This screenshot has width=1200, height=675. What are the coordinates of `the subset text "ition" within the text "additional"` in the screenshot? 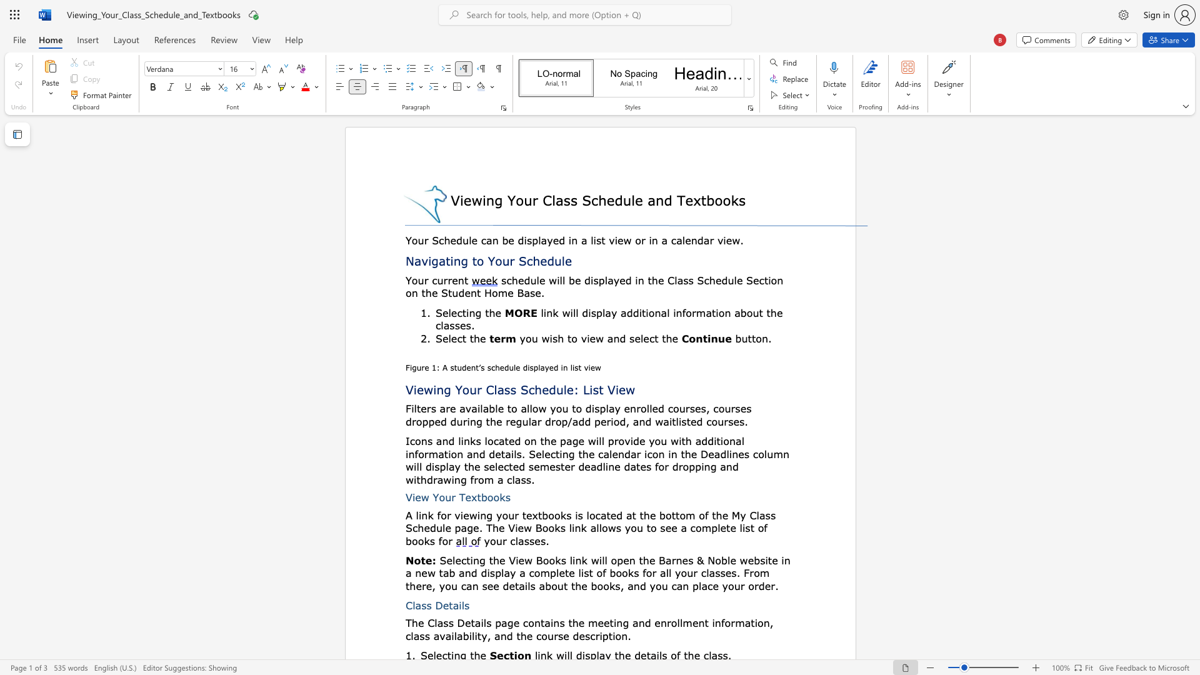 It's located at (639, 312).